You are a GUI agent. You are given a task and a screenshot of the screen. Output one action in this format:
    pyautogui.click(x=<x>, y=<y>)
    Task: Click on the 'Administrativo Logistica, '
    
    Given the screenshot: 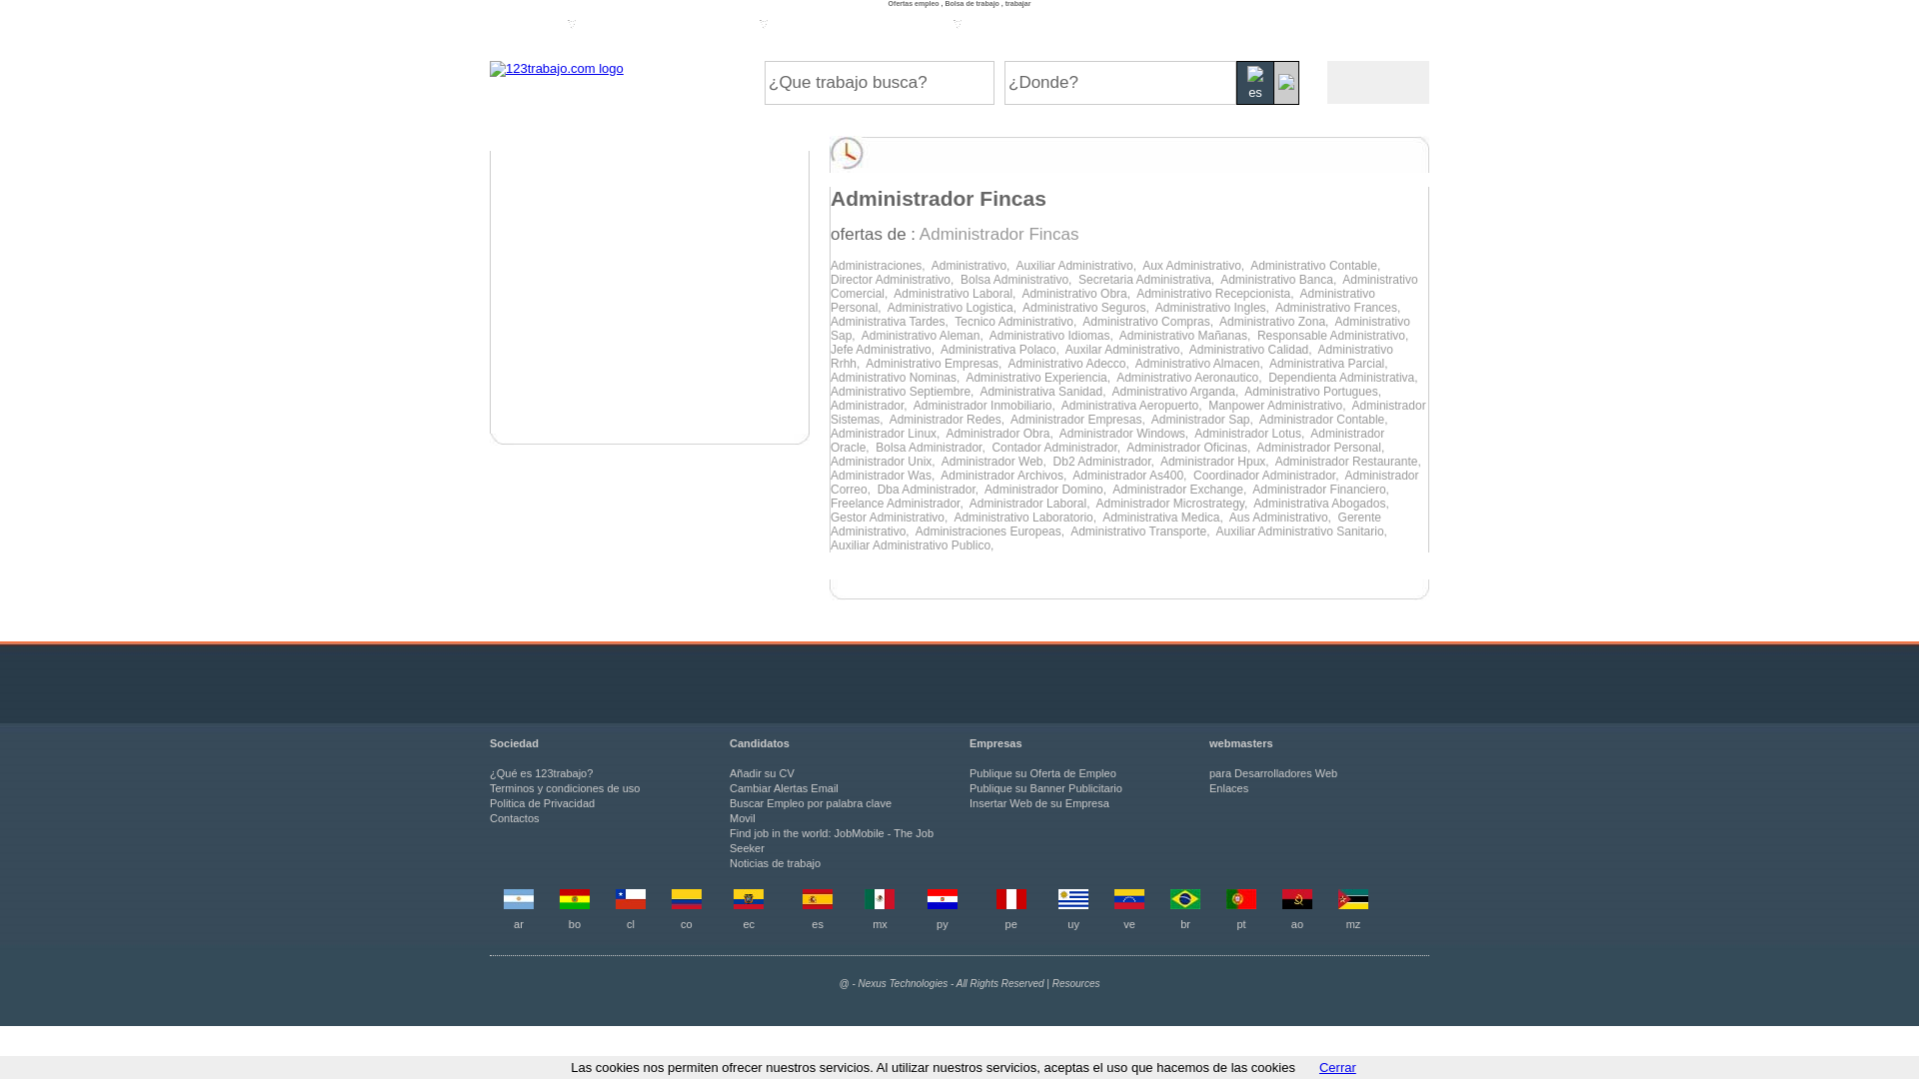 What is the action you would take?
    pyautogui.click(x=954, y=308)
    